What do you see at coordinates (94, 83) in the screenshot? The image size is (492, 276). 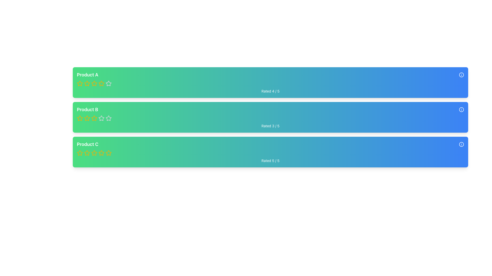 I see `the fourth star in the row of five stars for 'Product A'` at bounding box center [94, 83].